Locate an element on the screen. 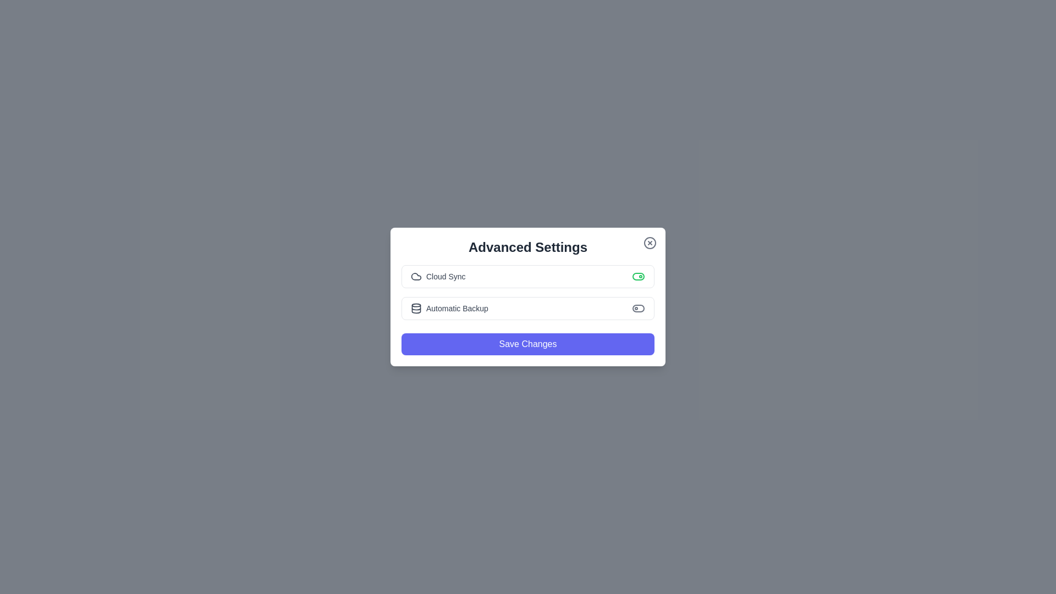 The width and height of the screenshot is (1056, 594). the 'Cloud Sync' text label with the cloud icon in the settings panel is located at coordinates (437, 276).